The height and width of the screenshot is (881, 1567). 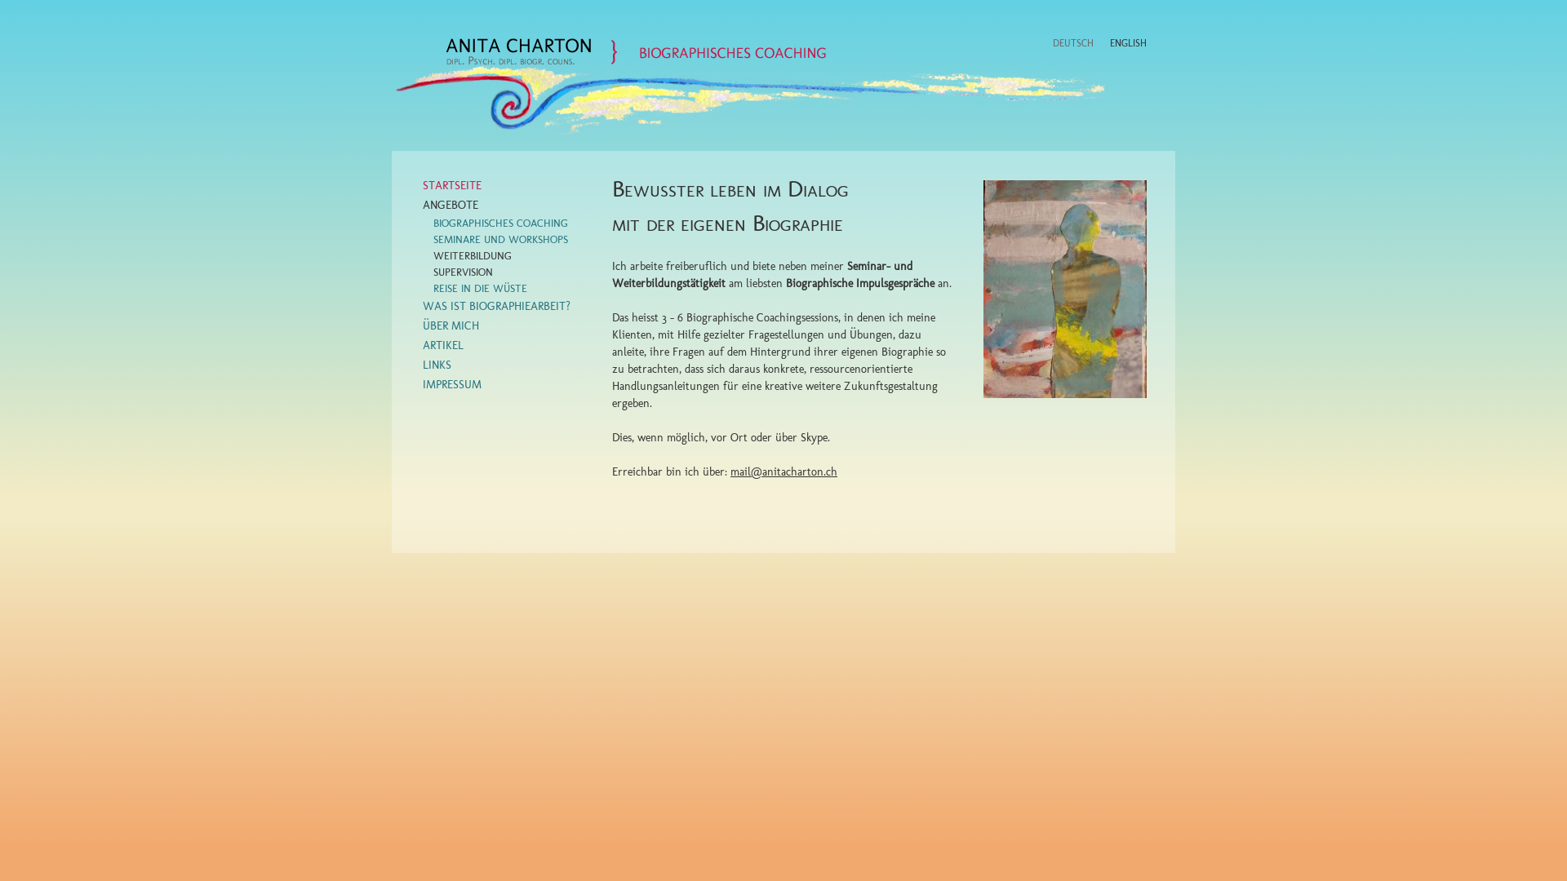 What do you see at coordinates (495, 306) in the screenshot?
I see `'WAS IST BIOGRAPHIEARBEIT?'` at bounding box center [495, 306].